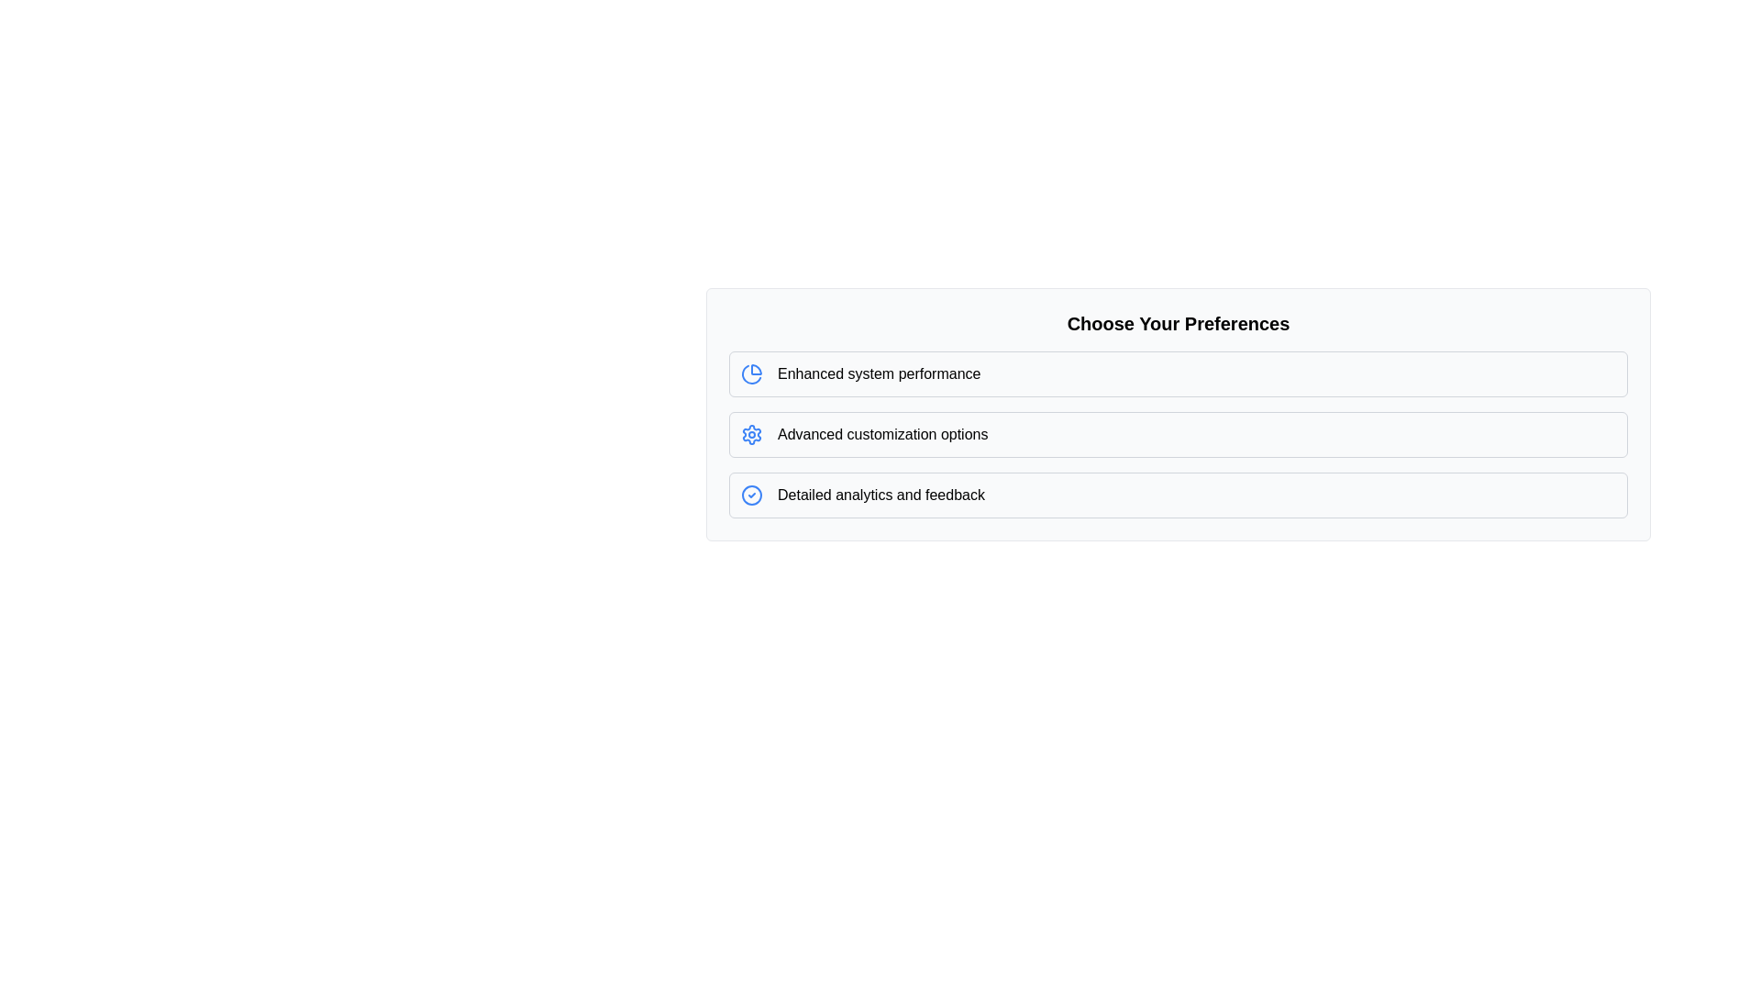 The height and width of the screenshot is (991, 1761). Describe the element at coordinates (878, 373) in the screenshot. I see `the text label representing a selectable option within the preferences menu, located in the first row of the 'Choose Your Preferences' section` at that location.